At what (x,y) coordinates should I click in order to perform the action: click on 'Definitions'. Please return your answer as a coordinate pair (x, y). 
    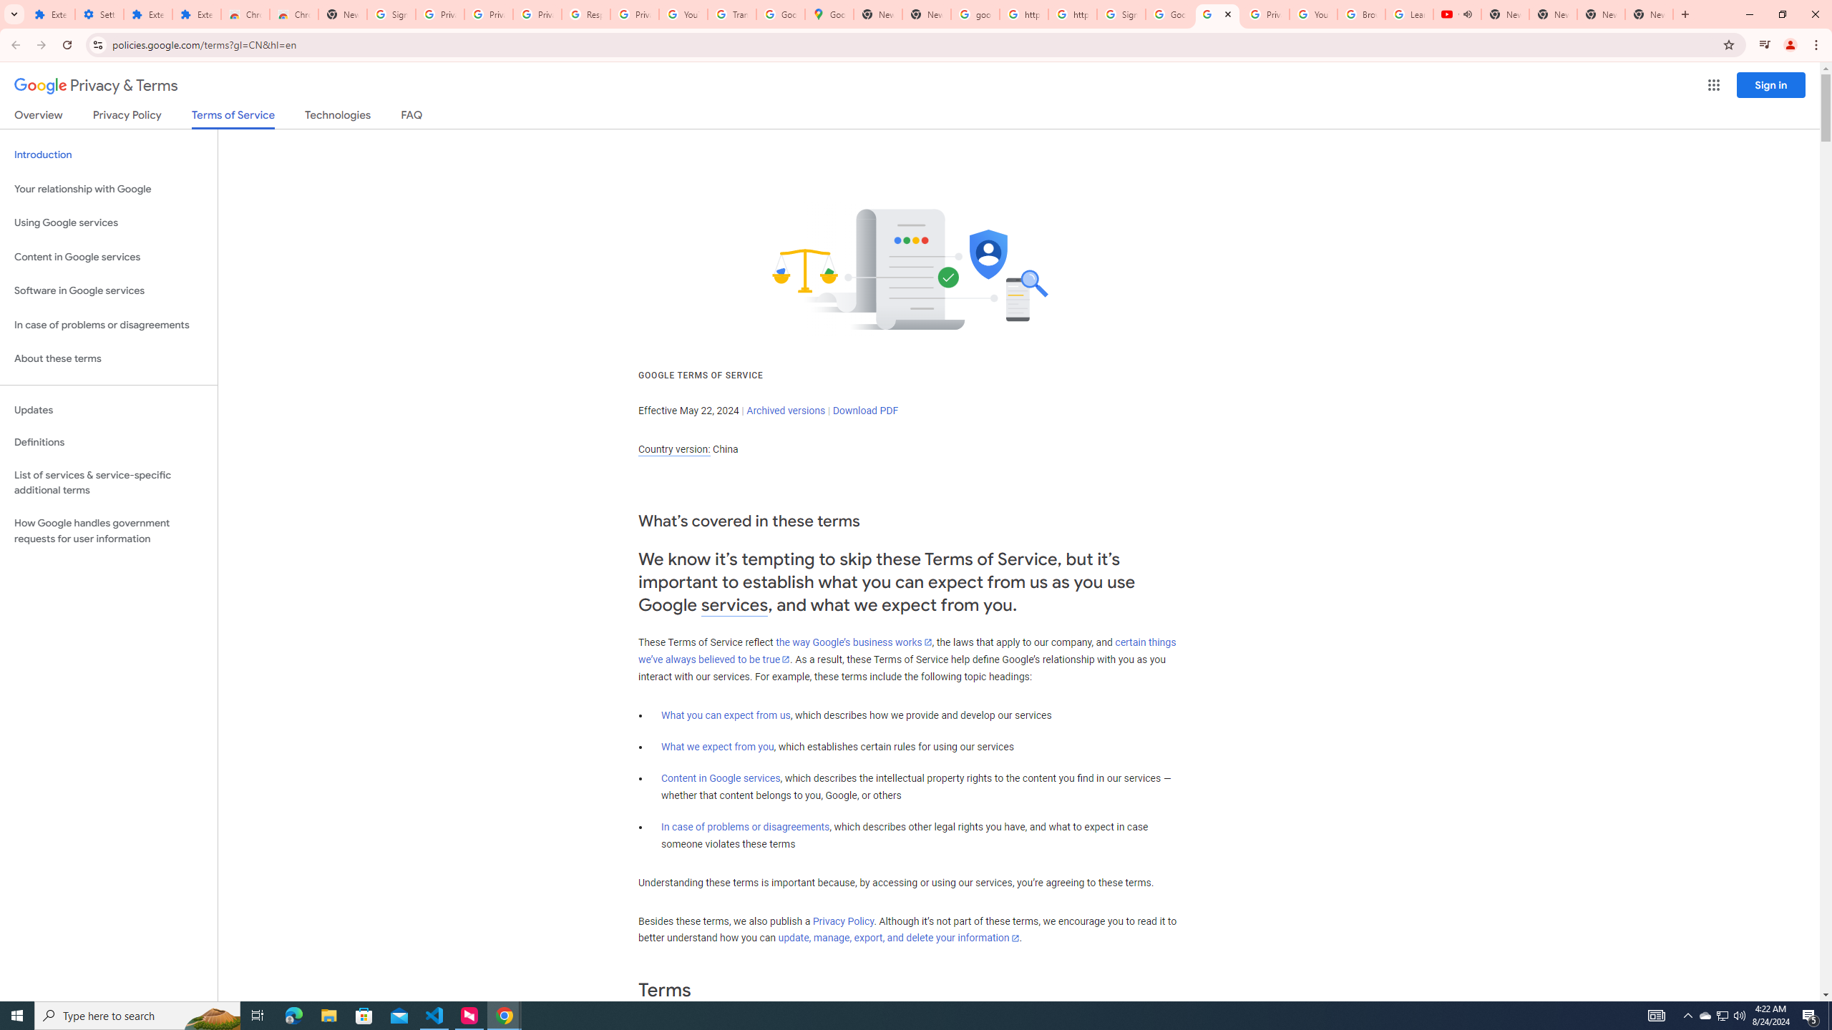
    Looking at the image, I should click on (108, 442).